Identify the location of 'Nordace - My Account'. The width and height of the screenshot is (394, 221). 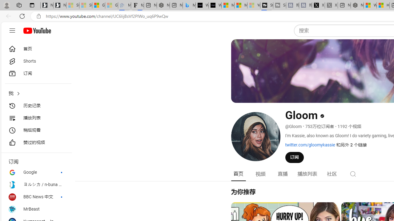
(357, 5).